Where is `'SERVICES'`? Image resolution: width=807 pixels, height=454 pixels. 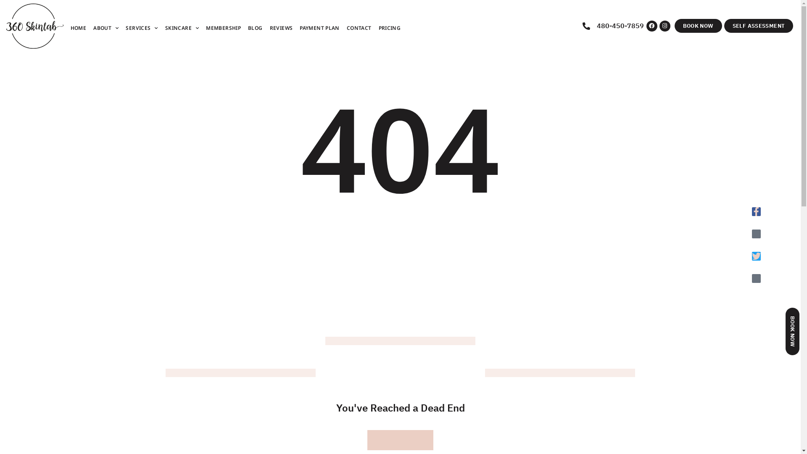
'SERVICES' is located at coordinates (124, 27).